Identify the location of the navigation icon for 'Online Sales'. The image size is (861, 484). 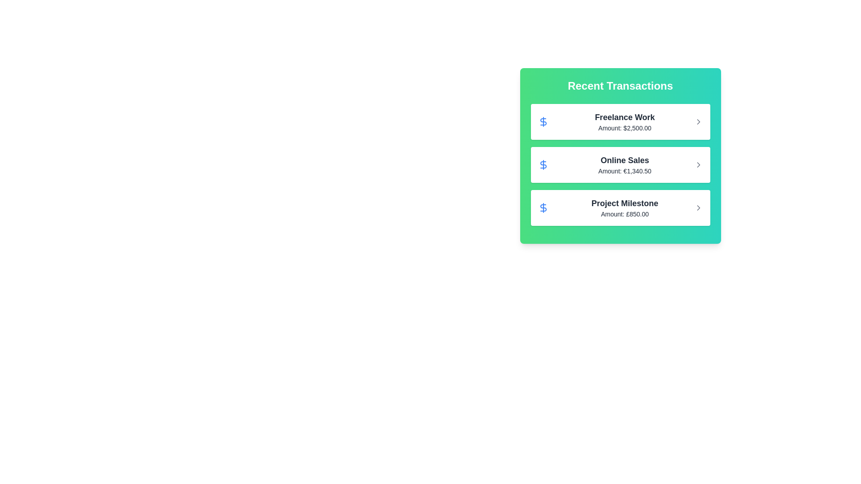
(698, 164).